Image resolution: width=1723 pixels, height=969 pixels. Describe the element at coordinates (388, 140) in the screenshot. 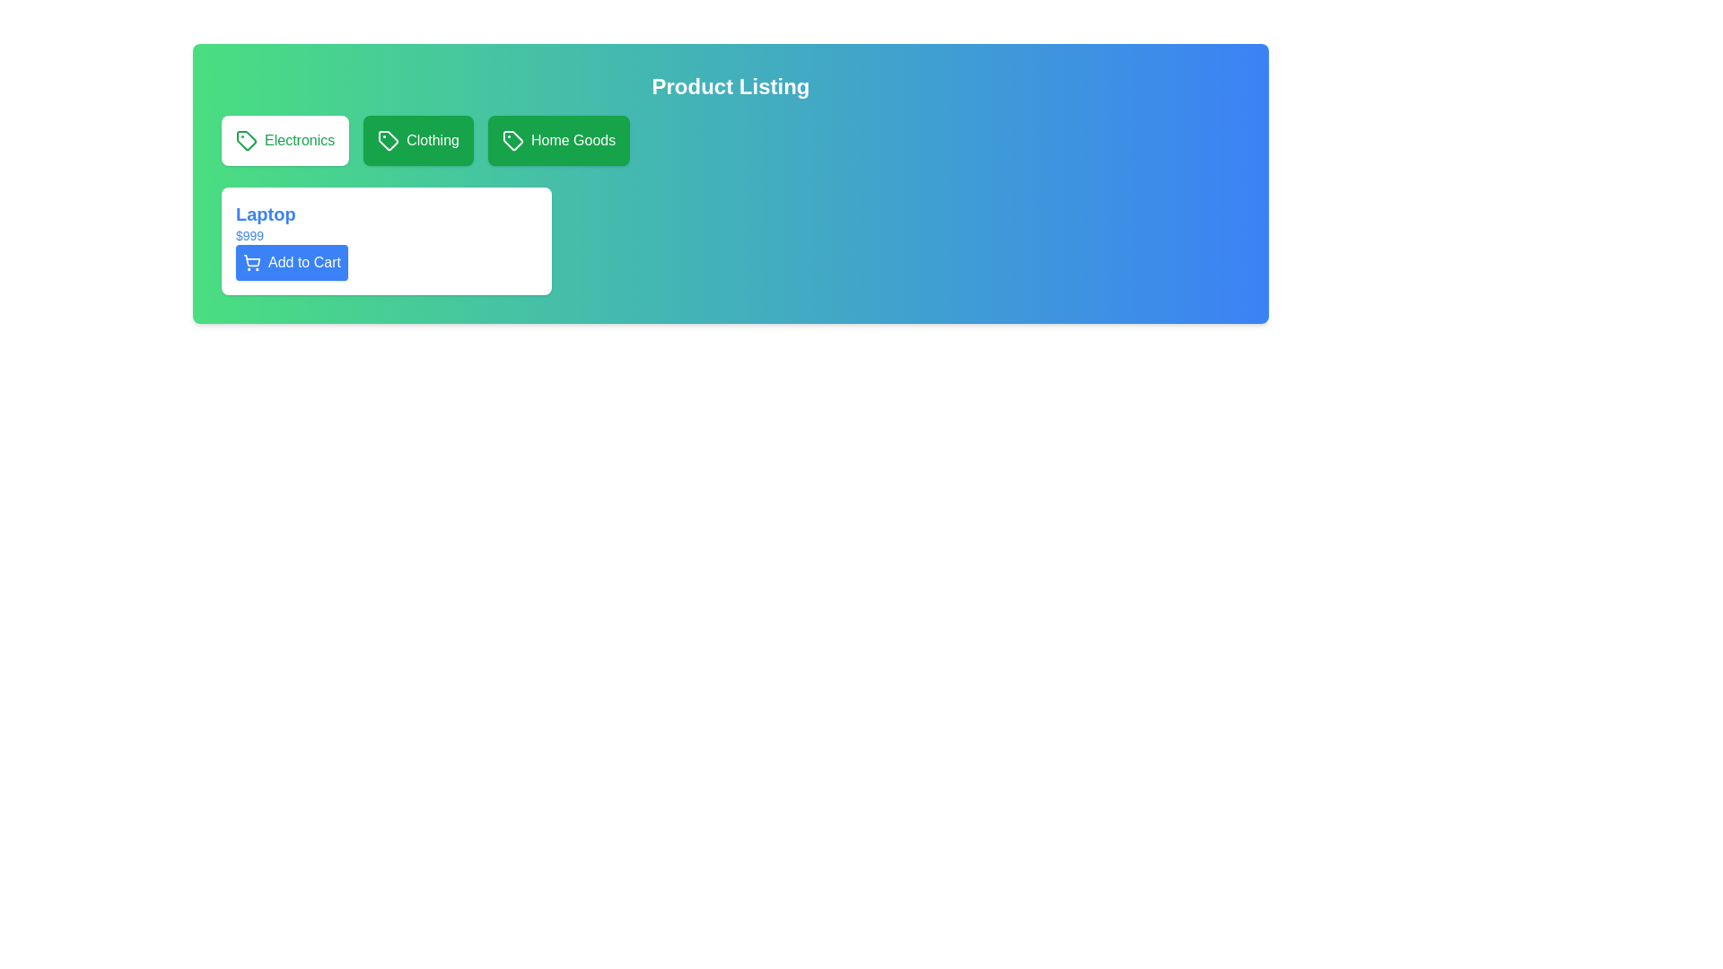

I see `the 'Clothing' category icon, which is the second button in a row of three, positioned between 'Electronics' and 'Home Goods'` at that location.